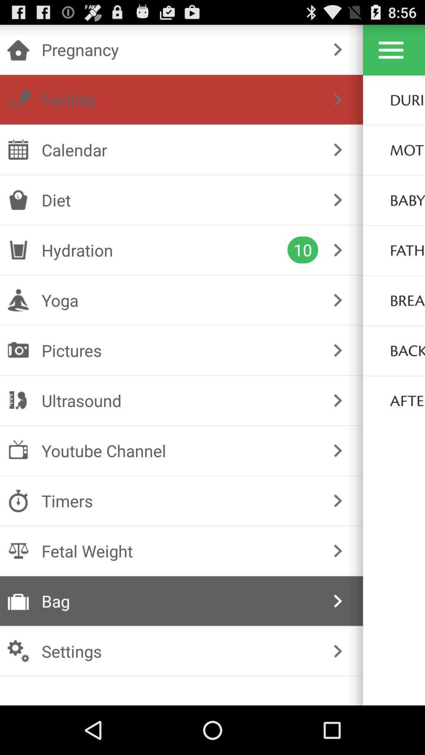 This screenshot has width=425, height=755. What do you see at coordinates (180, 600) in the screenshot?
I see `the bag` at bounding box center [180, 600].